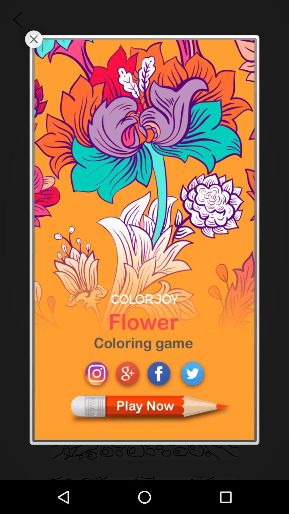 This screenshot has width=289, height=514. I want to click on the close icon, so click(34, 41).